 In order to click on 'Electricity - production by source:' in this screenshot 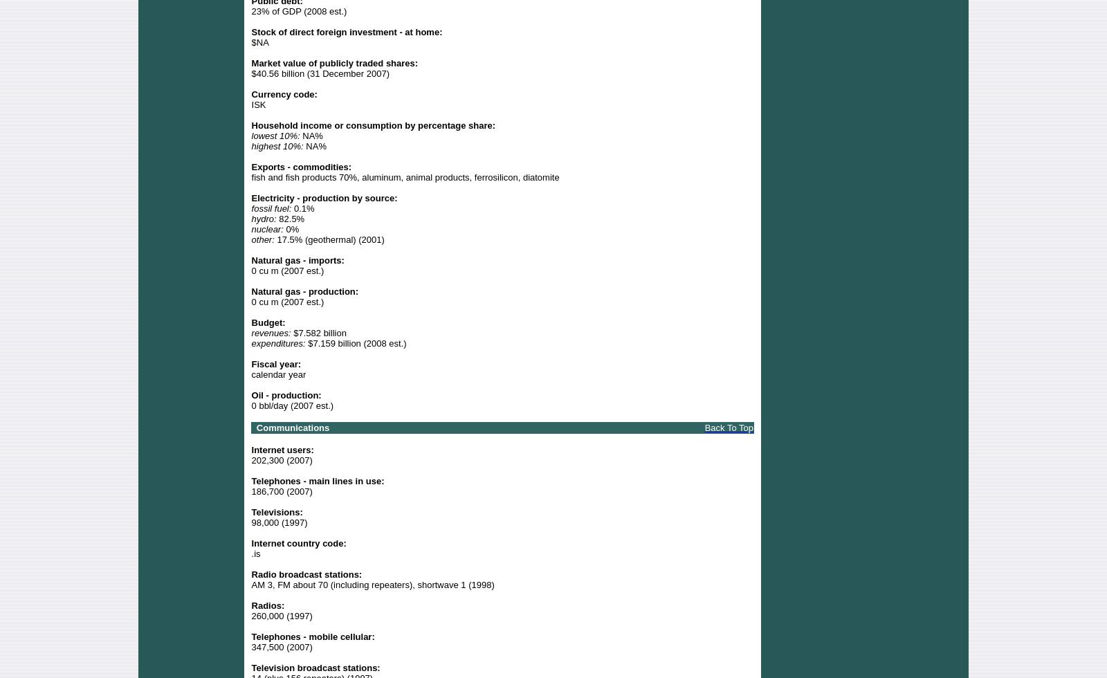, I will do `click(323, 197)`.